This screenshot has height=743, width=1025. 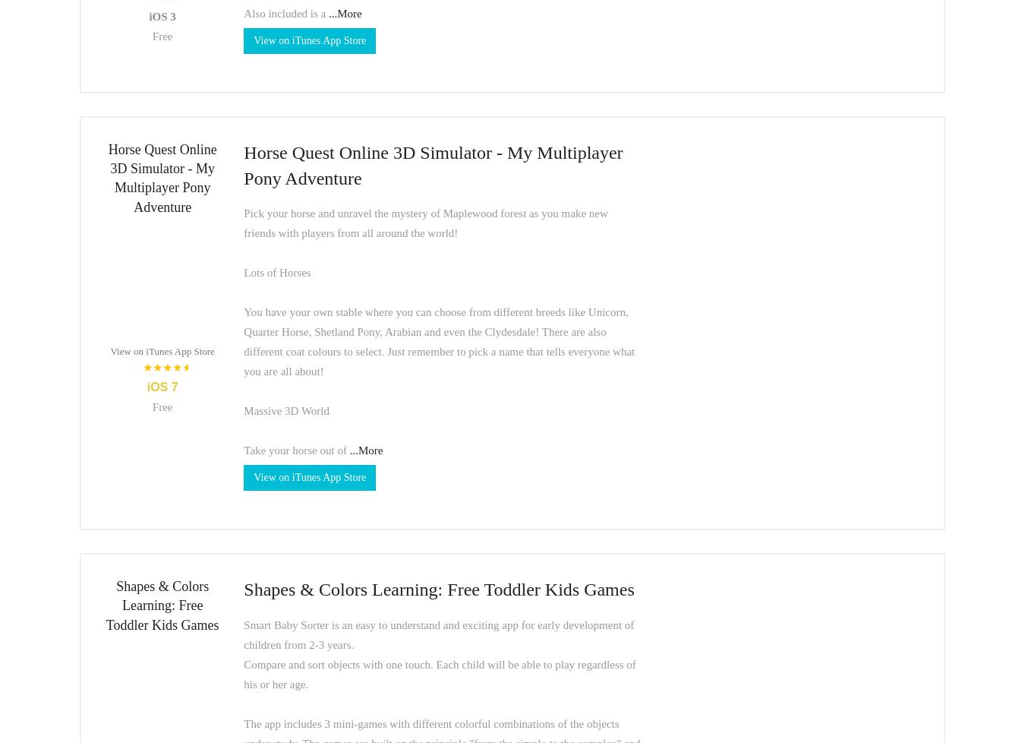 I want to click on 'iOS 7', so click(x=147, y=386).